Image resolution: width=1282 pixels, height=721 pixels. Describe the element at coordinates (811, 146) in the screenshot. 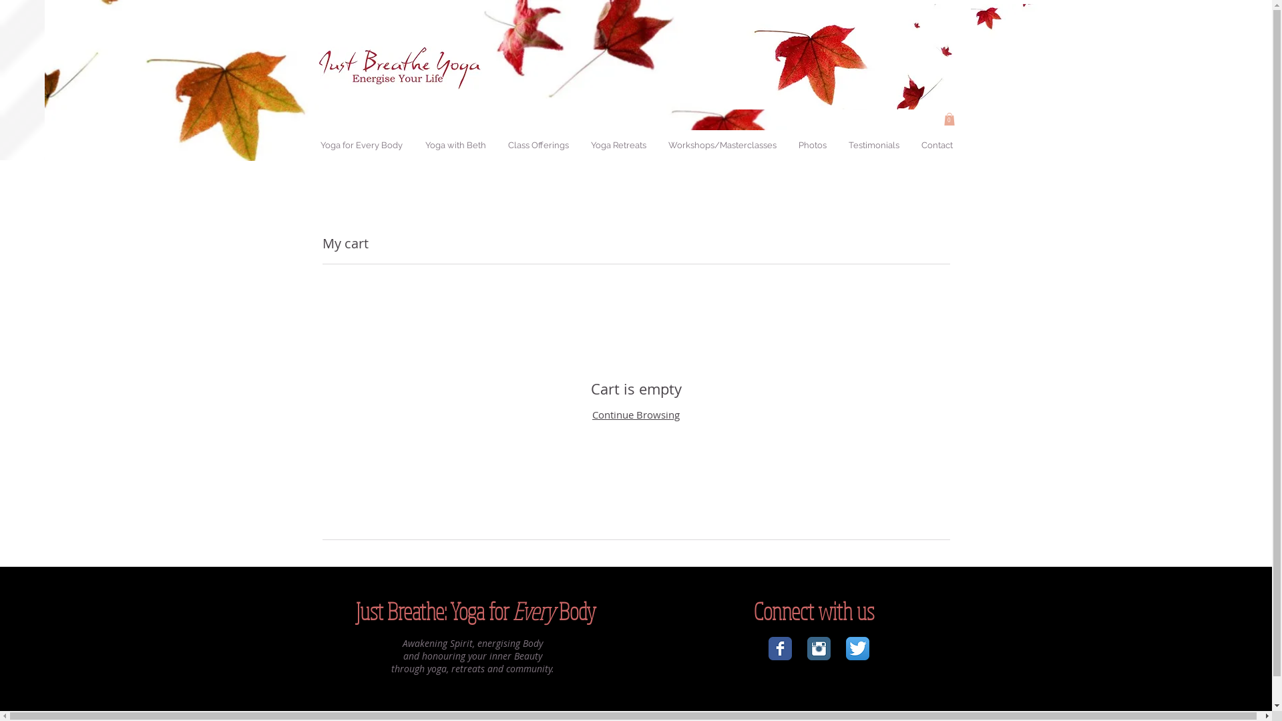

I see `'Photos'` at that location.